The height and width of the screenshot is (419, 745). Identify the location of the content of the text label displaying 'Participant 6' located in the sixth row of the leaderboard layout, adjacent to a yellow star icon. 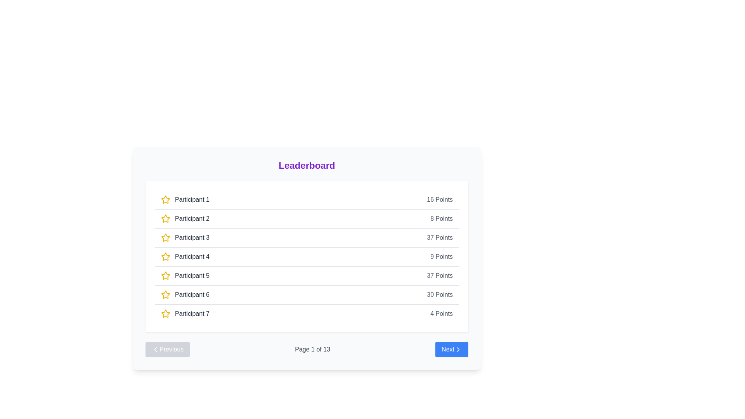
(185, 294).